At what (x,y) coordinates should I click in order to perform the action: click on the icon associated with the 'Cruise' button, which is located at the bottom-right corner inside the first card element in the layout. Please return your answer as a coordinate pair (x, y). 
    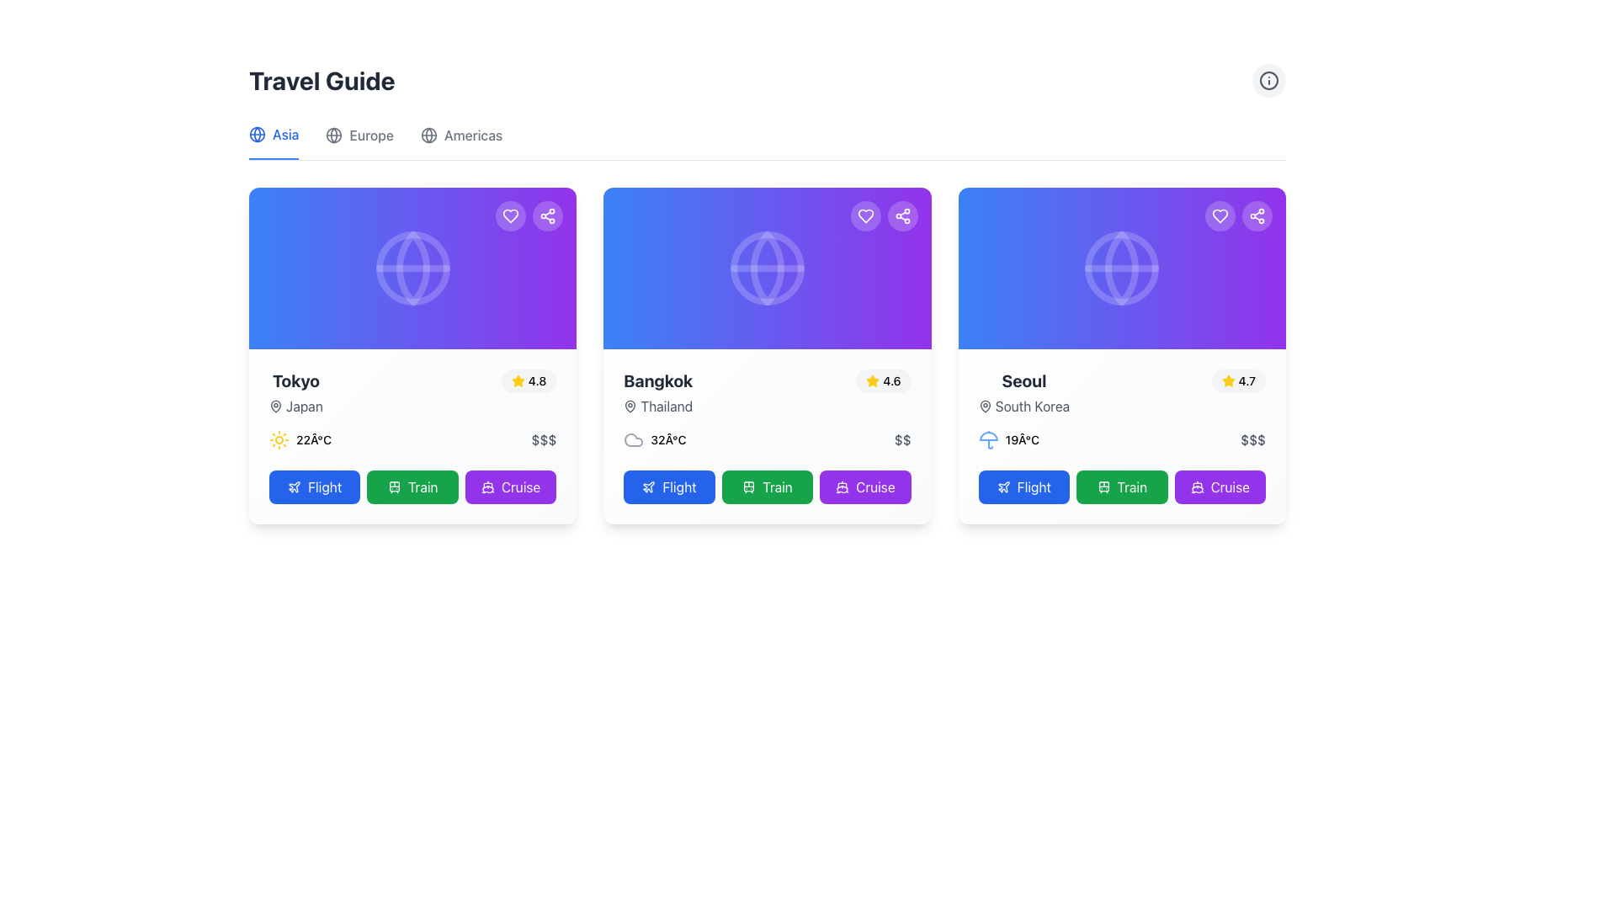
    Looking at the image, I should click on (486, 486).